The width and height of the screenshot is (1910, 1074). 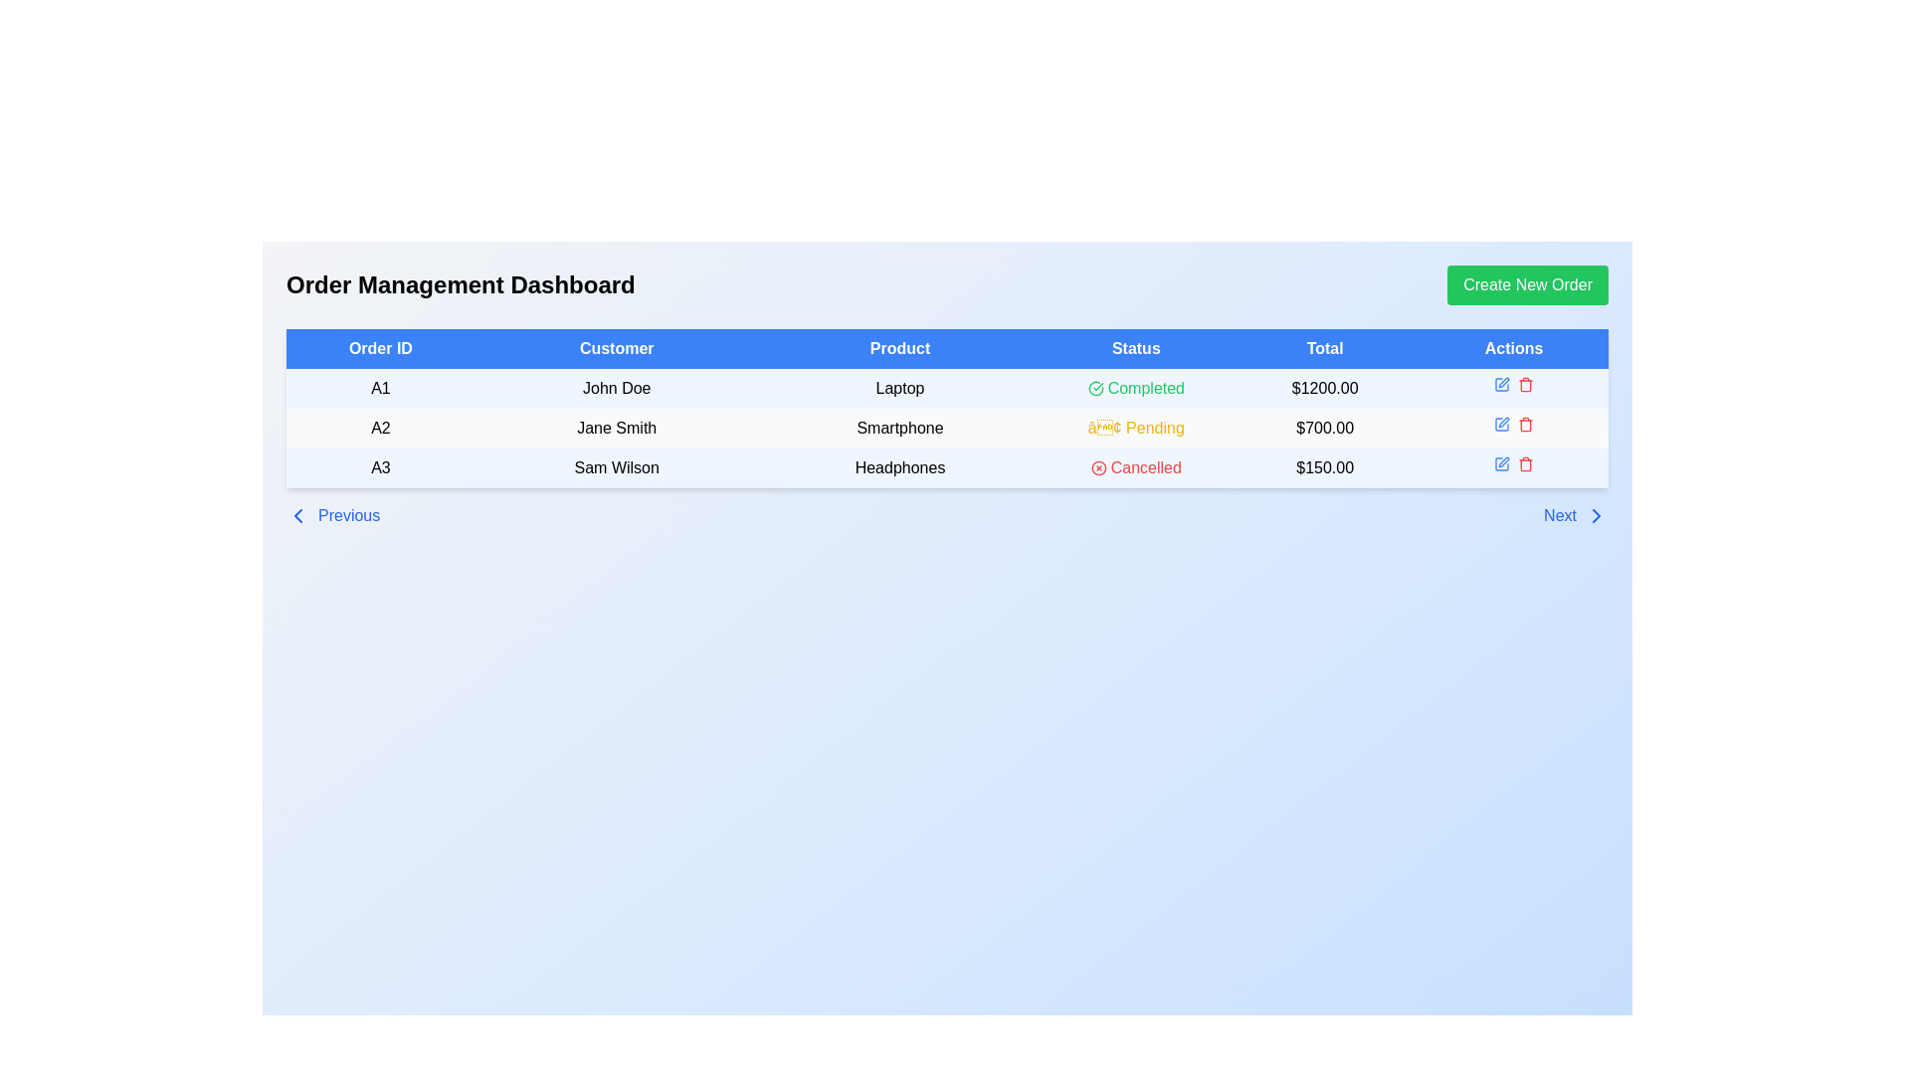 What do you see at coordinates (1136, 388) in the screenshot?
I see `the Status indicator for order ID 'A1' in the first row of the table, which visually indicates the completion status with text and icon` at bounding box center [1136, 388].